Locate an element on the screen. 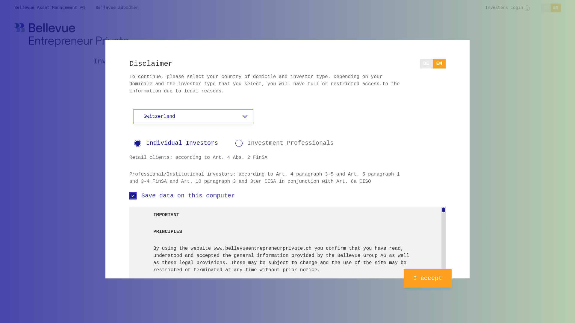 This screenshot has height=323, width=575. 'Investors Login' is located at coordinates (485, 8).